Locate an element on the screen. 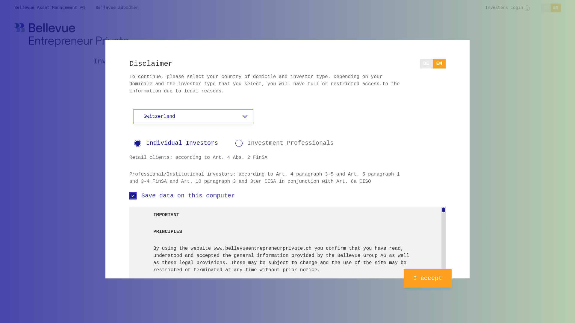 This screenshot has height=323, width=575. 'Investors Login' is located at coordinates (485, 8).